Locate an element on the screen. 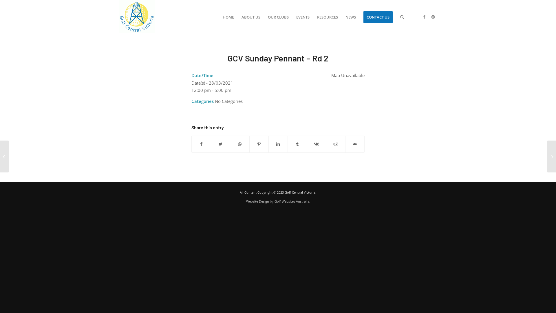  'Golf Websites Australia.' is located at coordinates (292, 201).